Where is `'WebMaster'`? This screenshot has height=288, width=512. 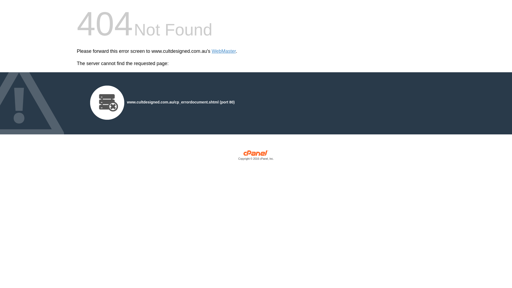
'WebMaster' is located at coordinates (224, 51).